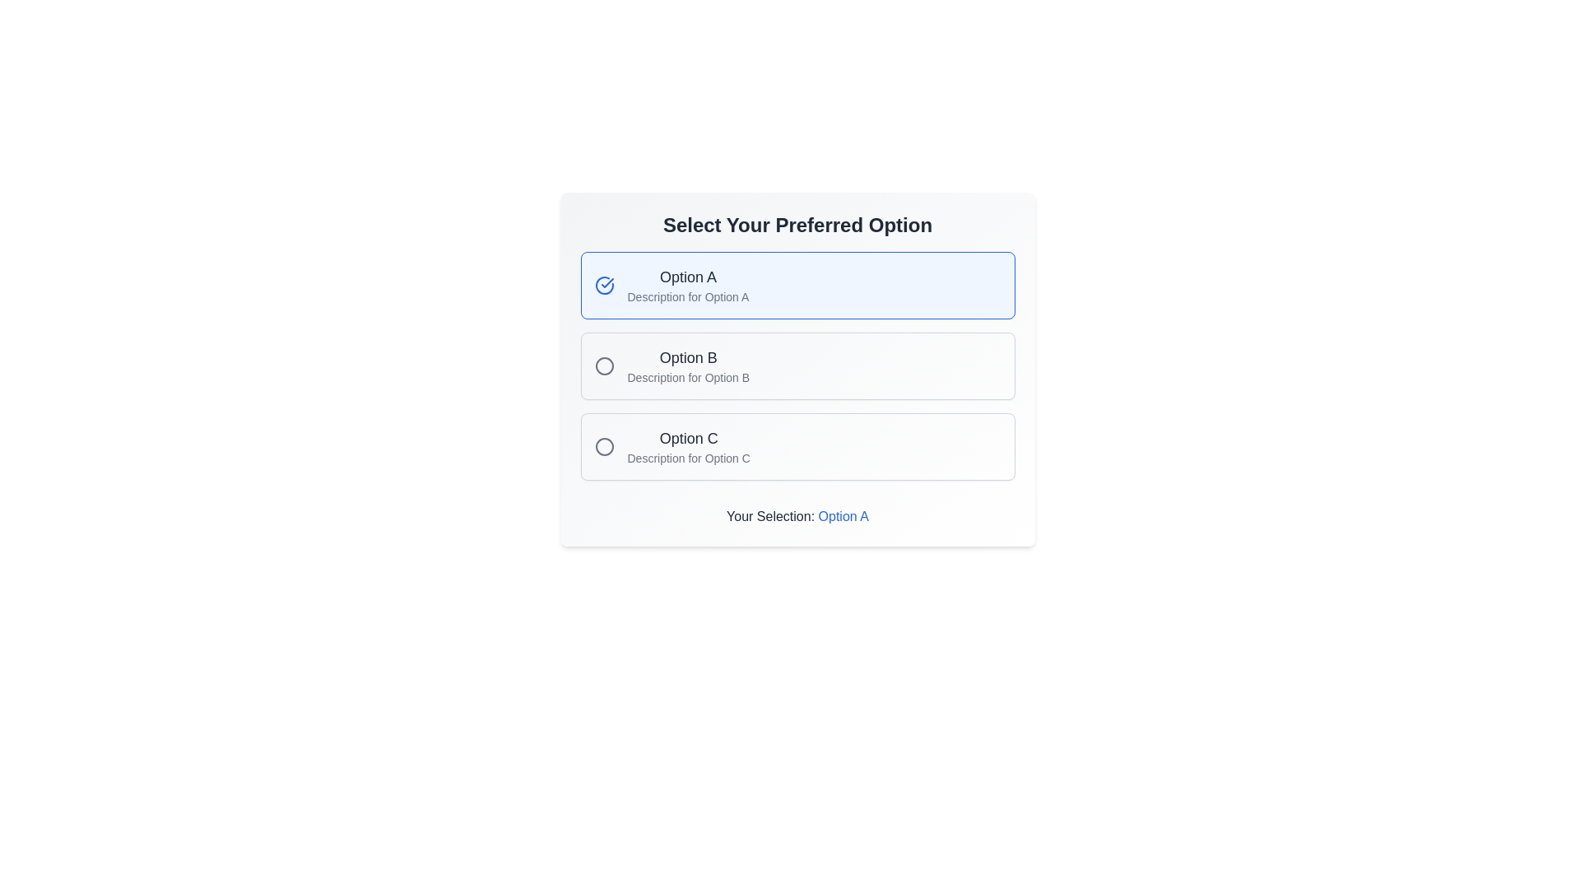 This screenshot has width=1580, height=889. I want to click on text element that indicates the currently selected option near the bottom of the interface, adjacent to 'Your Selection:', so click(843, 515).